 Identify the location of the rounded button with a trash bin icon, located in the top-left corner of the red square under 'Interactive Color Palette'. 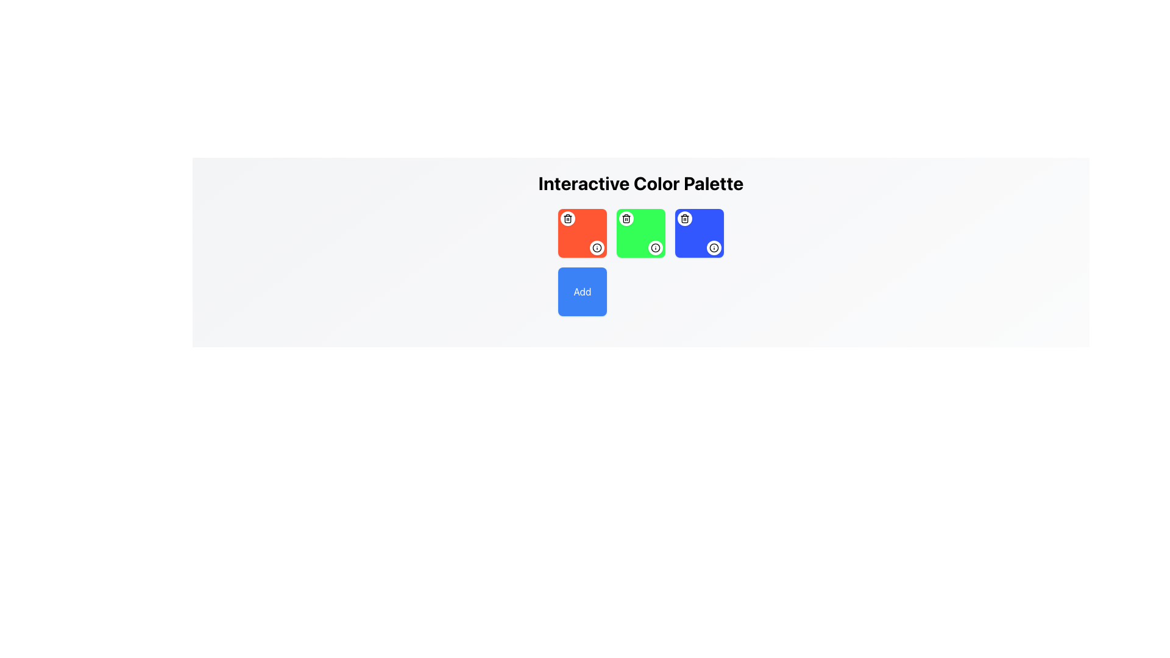
(567, 218).